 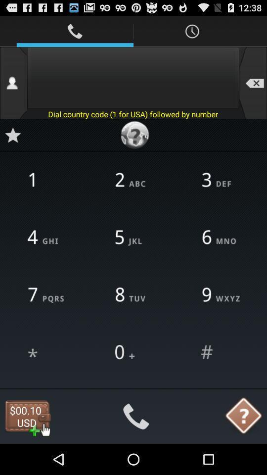 What do you see at coordinates (12, 143) in the screenshot?
I see `the star icon` at bounding box center [12, 143].